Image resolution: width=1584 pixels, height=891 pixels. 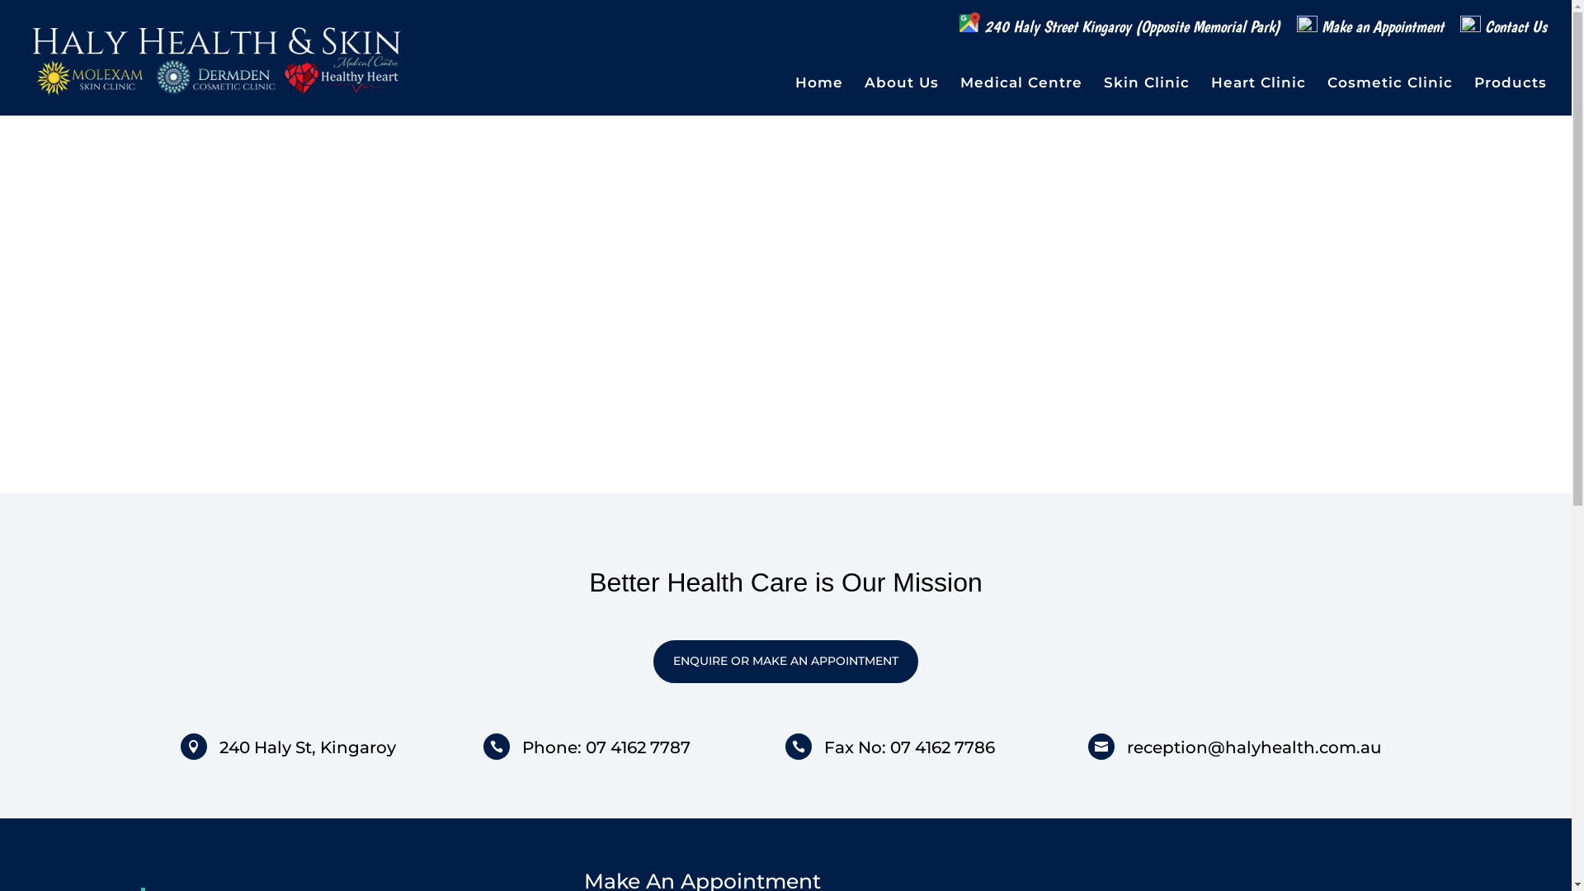 I want to click on 'Heart Clinic', so click(x=1257, y=96).